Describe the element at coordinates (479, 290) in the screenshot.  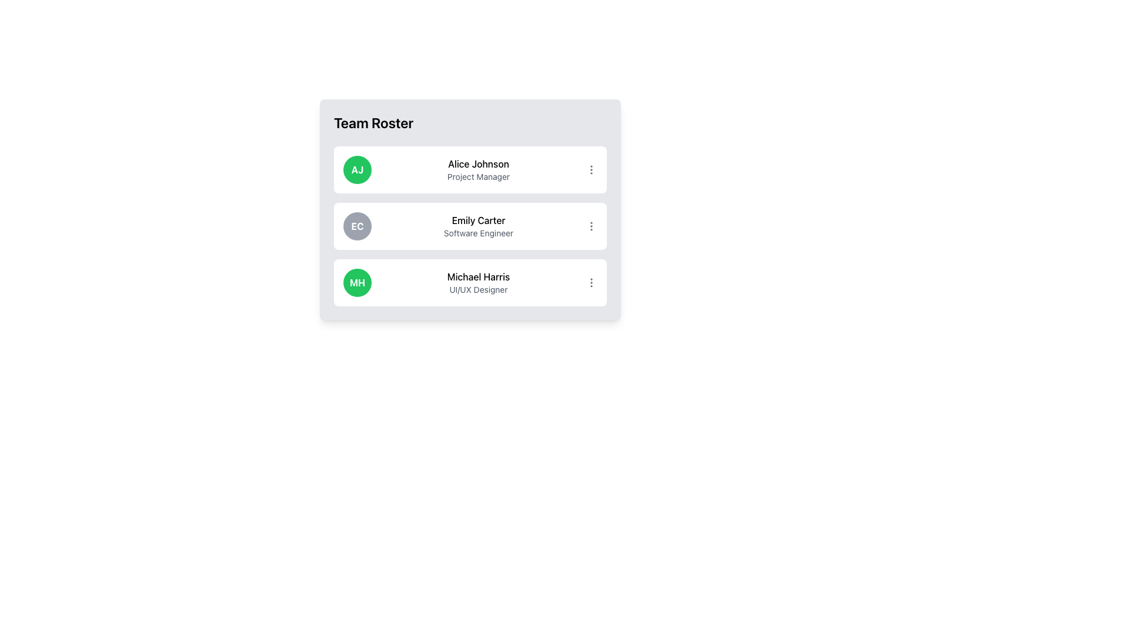
I see `the text label displaying the job title or designation associated with 'Michael Harris' located beneath his name in the third card of the 'Team Roster' panel` at that location.